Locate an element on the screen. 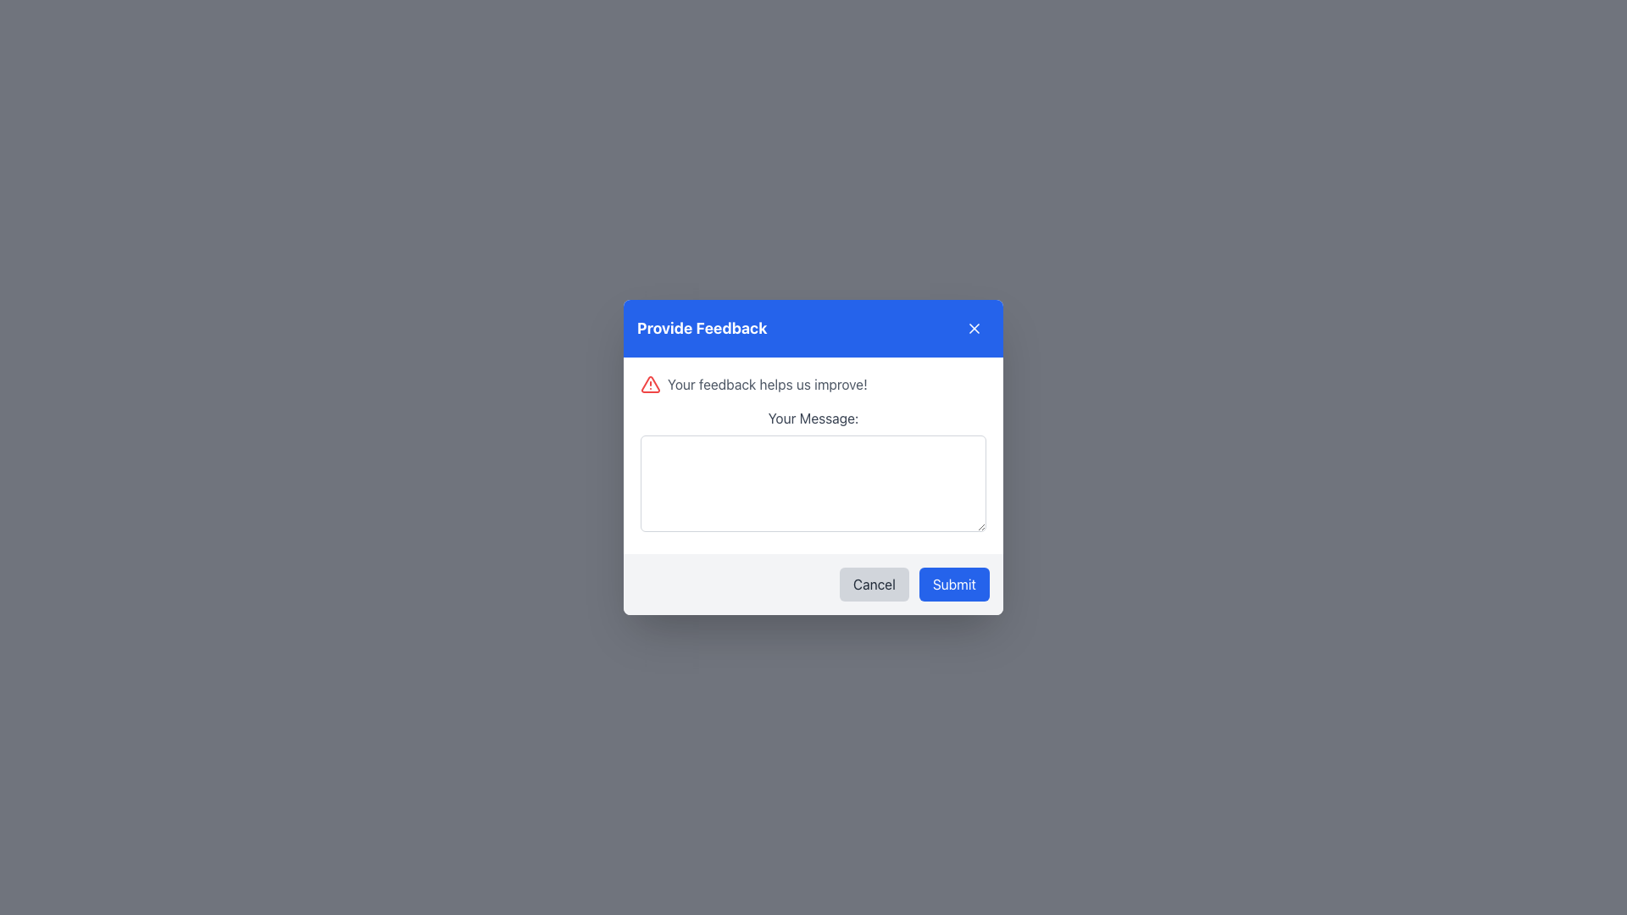 Image resolution: width=1627 pixels, height=915 pixels. the gray rectangular 'Cancel' button located at the bottom-right section of the modal dialog is located at coordinates (874, 584).